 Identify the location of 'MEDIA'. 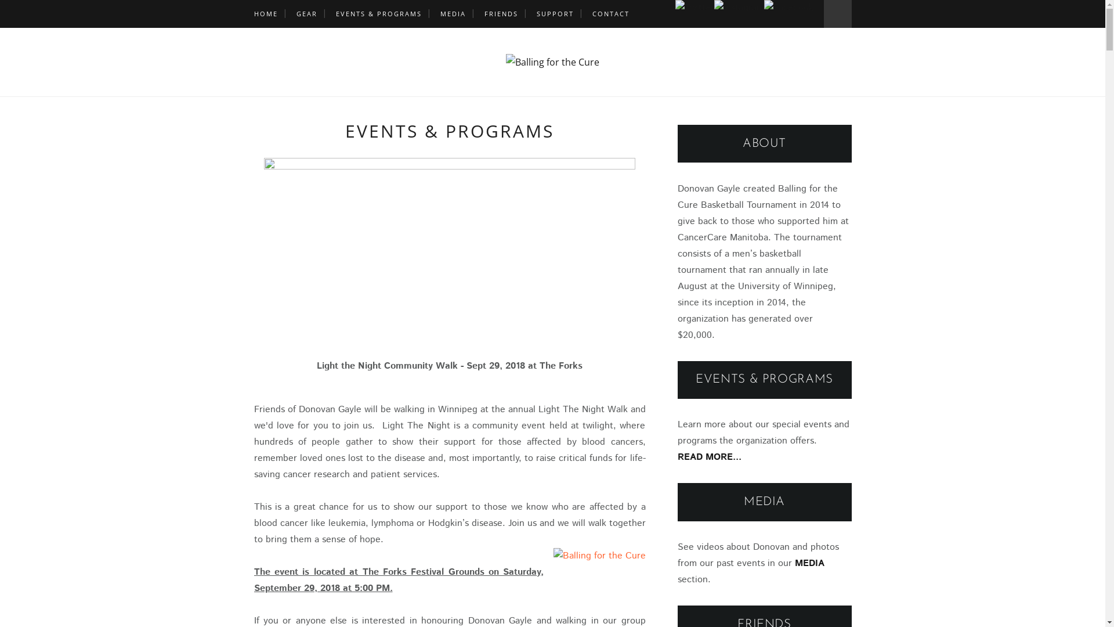
(451, 13).